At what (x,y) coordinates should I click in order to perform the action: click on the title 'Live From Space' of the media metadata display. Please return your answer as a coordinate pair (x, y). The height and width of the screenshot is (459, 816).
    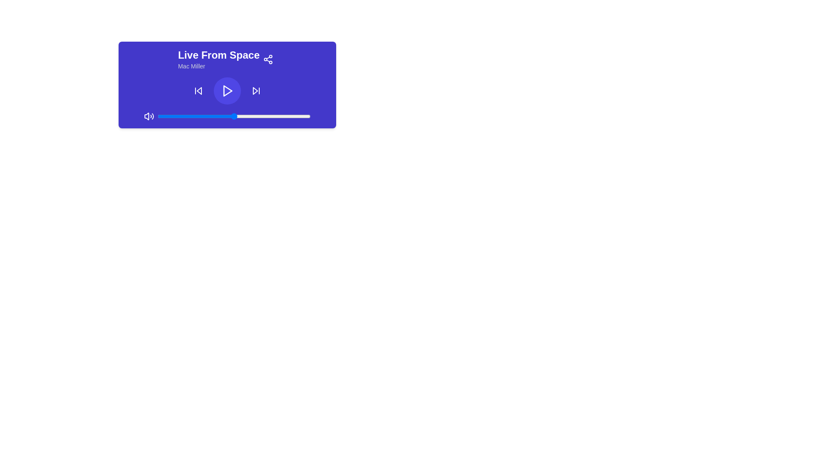
    Looking at the image, I should click on (227, 59).